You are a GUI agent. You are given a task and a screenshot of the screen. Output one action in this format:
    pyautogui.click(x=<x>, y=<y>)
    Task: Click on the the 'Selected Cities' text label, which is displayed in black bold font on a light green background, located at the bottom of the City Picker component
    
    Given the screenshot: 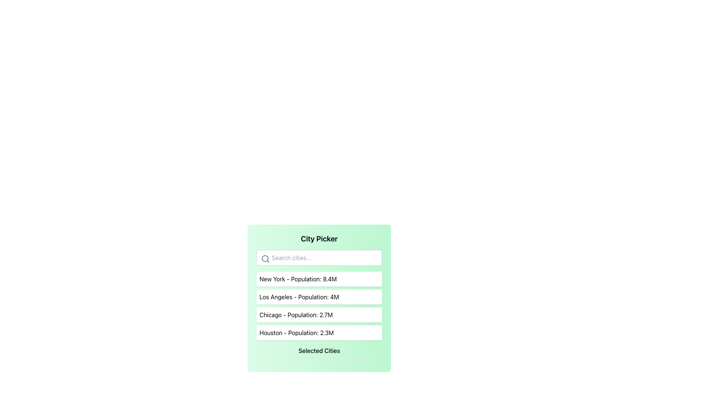 What is the action you would take?
    pyautogui.click(x=319, y=352)
    